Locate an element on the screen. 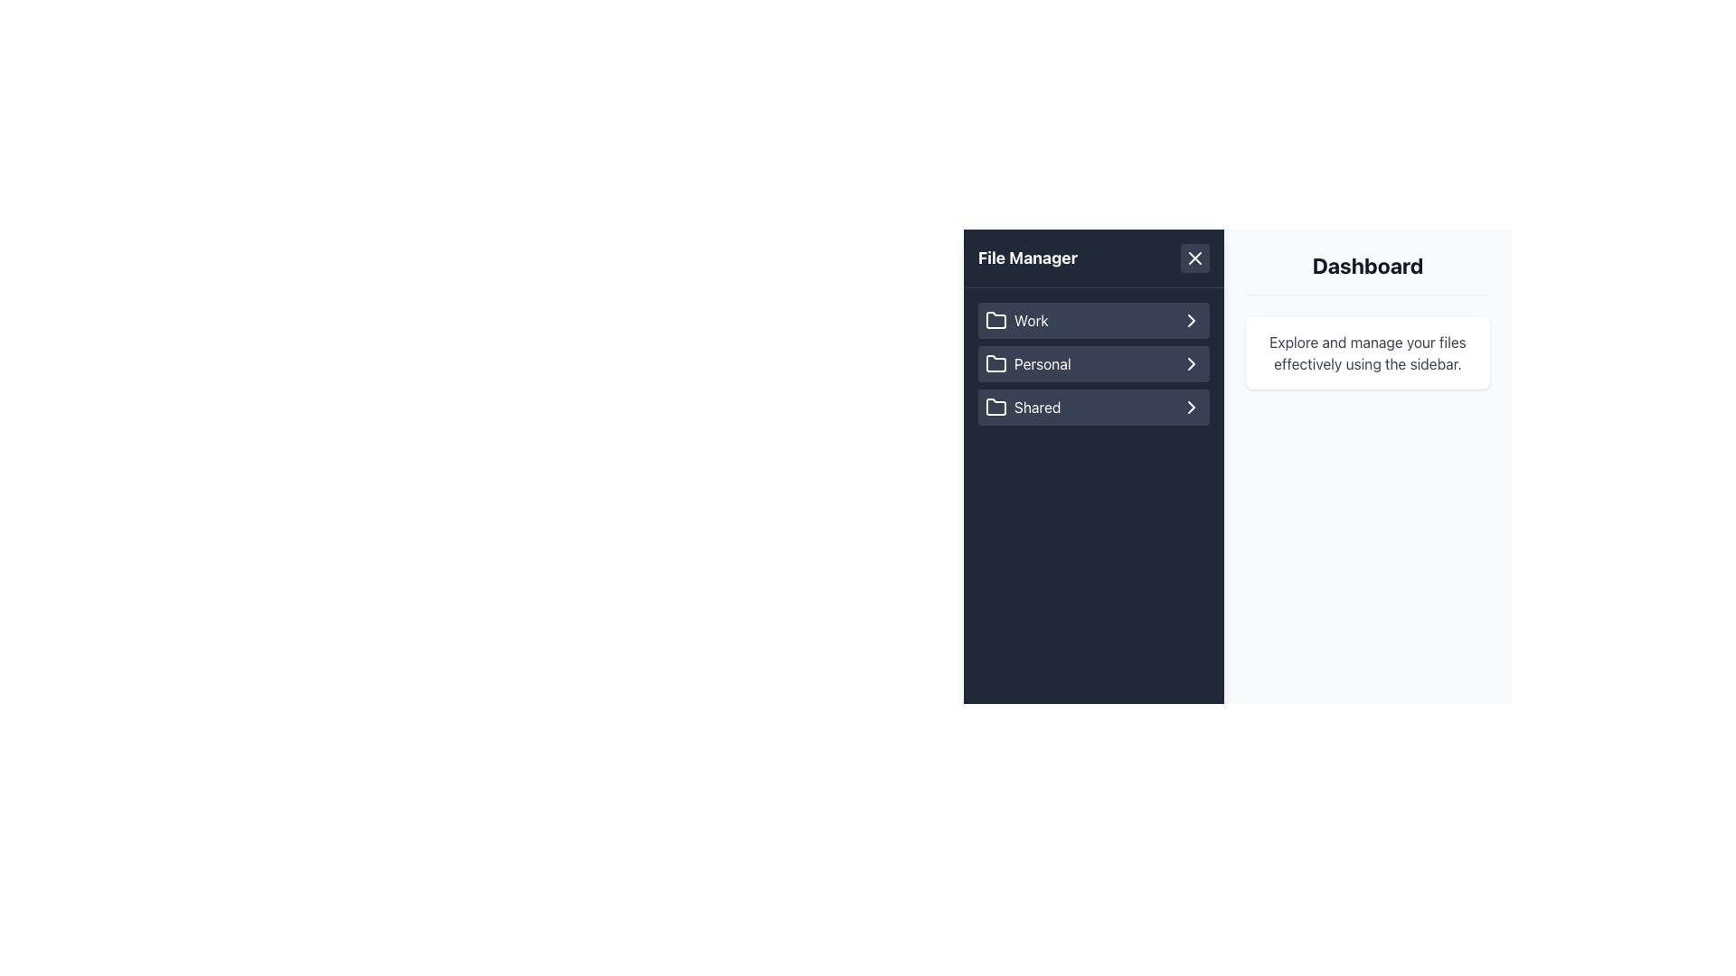  the second row menu item labeled 'Personal' in the dark-colored sidebar is located at coordinates (1092, 363).